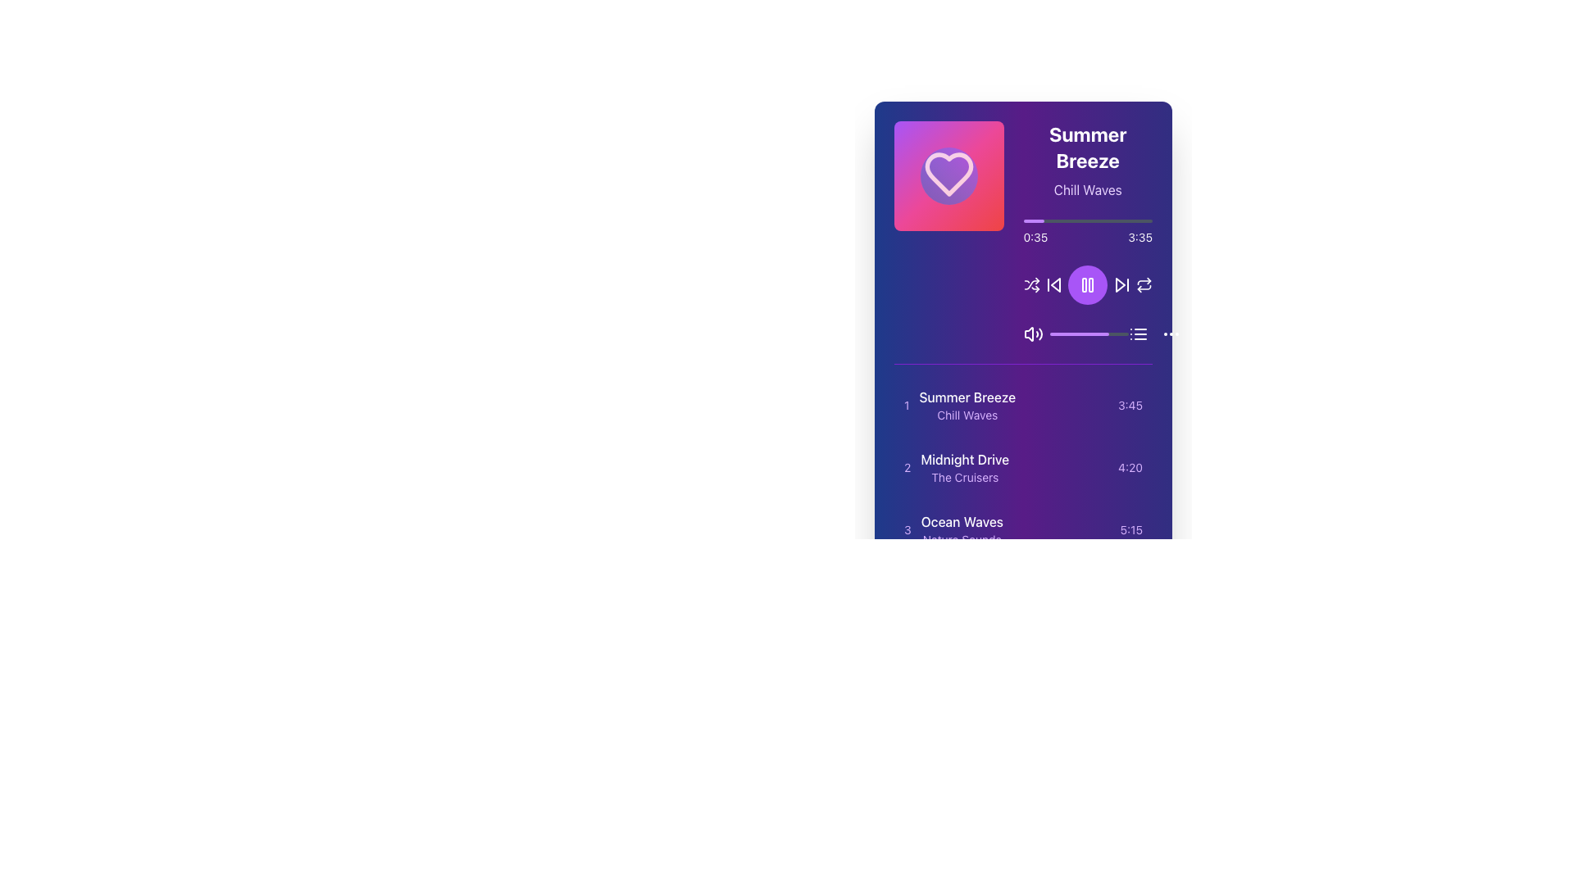 The height and width of the screenshot is (885, 1574). I want to click on the text label reading 'Nature Sounds' which is styled in purple and located below 'Ocean Waves', so click(962, 540).